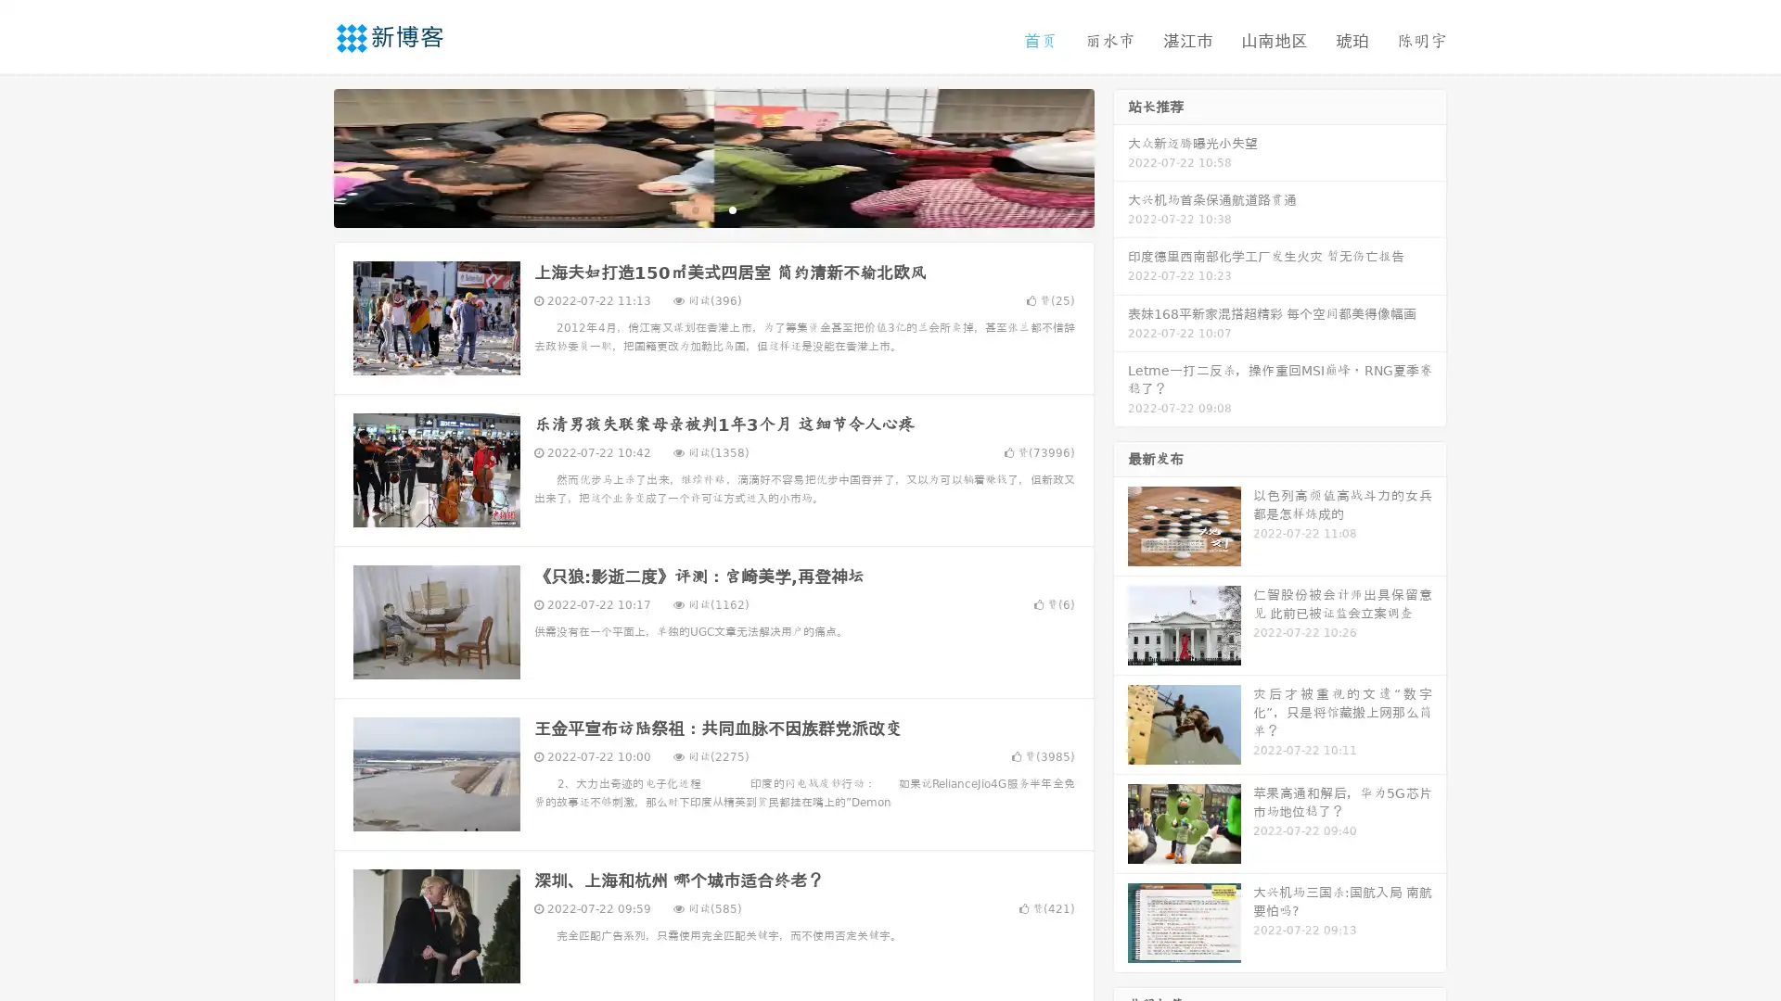  What do you see at coordinates (712, 209) in the screenshot?
I see `Go to slide 2` at bounding box center [712, 209].